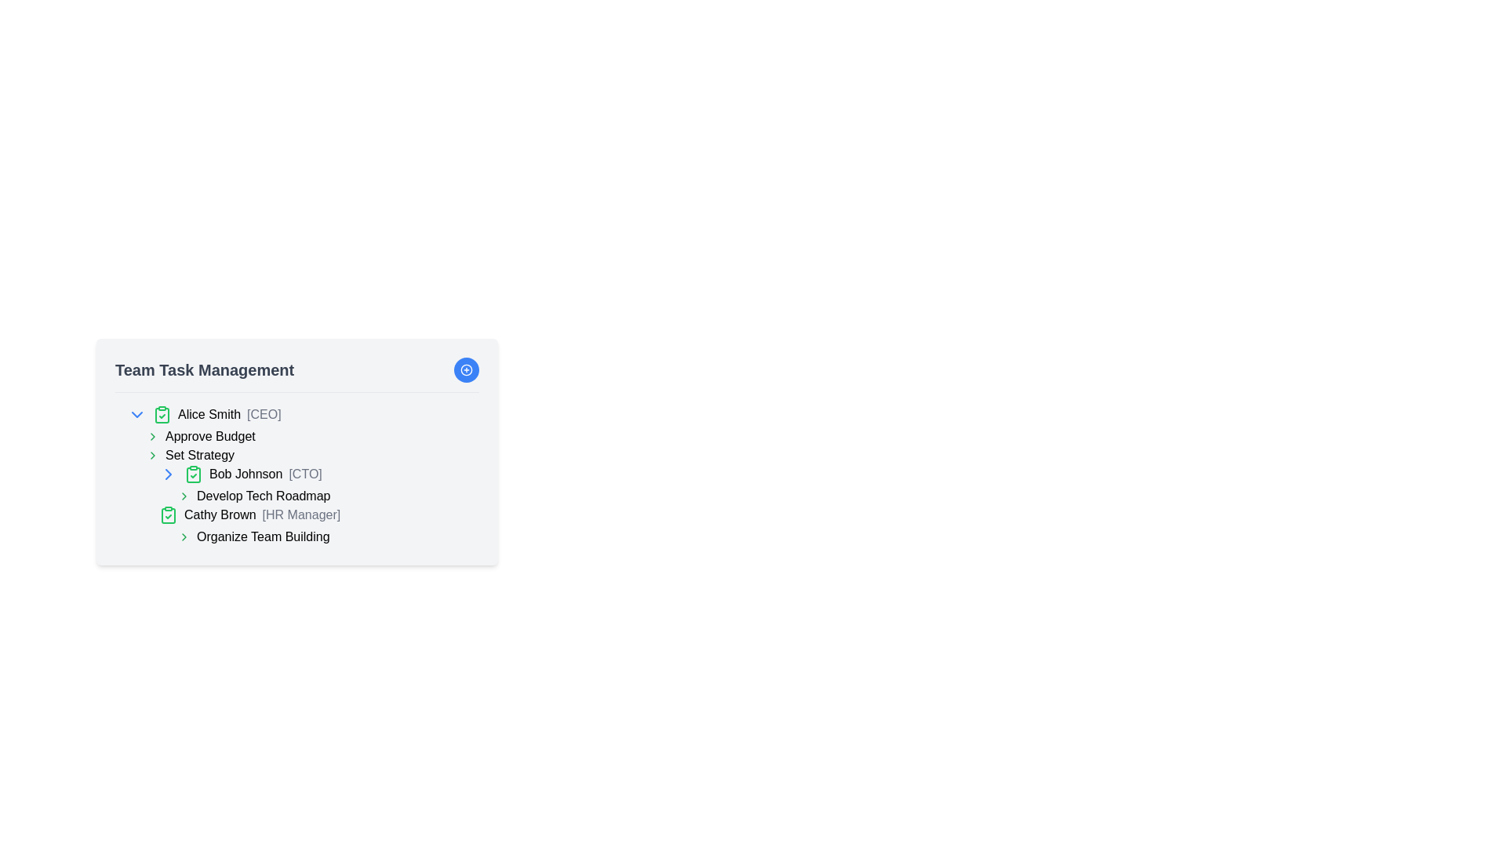  What do you see at coordinates (297, 474) in the screenshot?
I see `the names in the Organized list with hierarchical structure` at bounding box center [297, 474].